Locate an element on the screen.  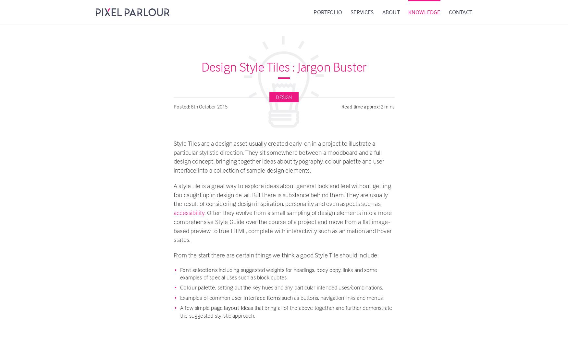
'Services' is located at coordinates (350, 12).